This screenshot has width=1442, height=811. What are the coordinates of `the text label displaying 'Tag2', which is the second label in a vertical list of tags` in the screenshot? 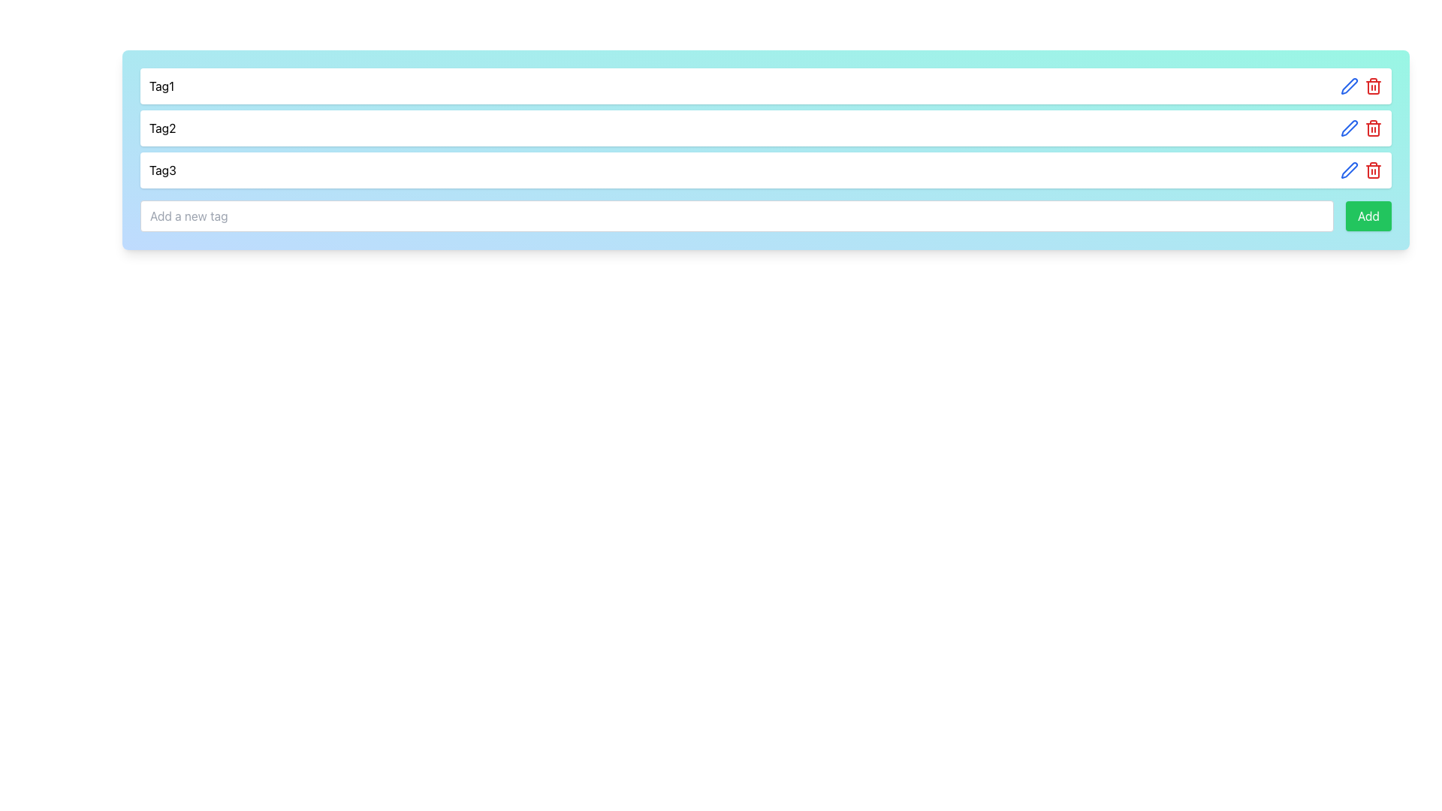 It's located at (162, 127).